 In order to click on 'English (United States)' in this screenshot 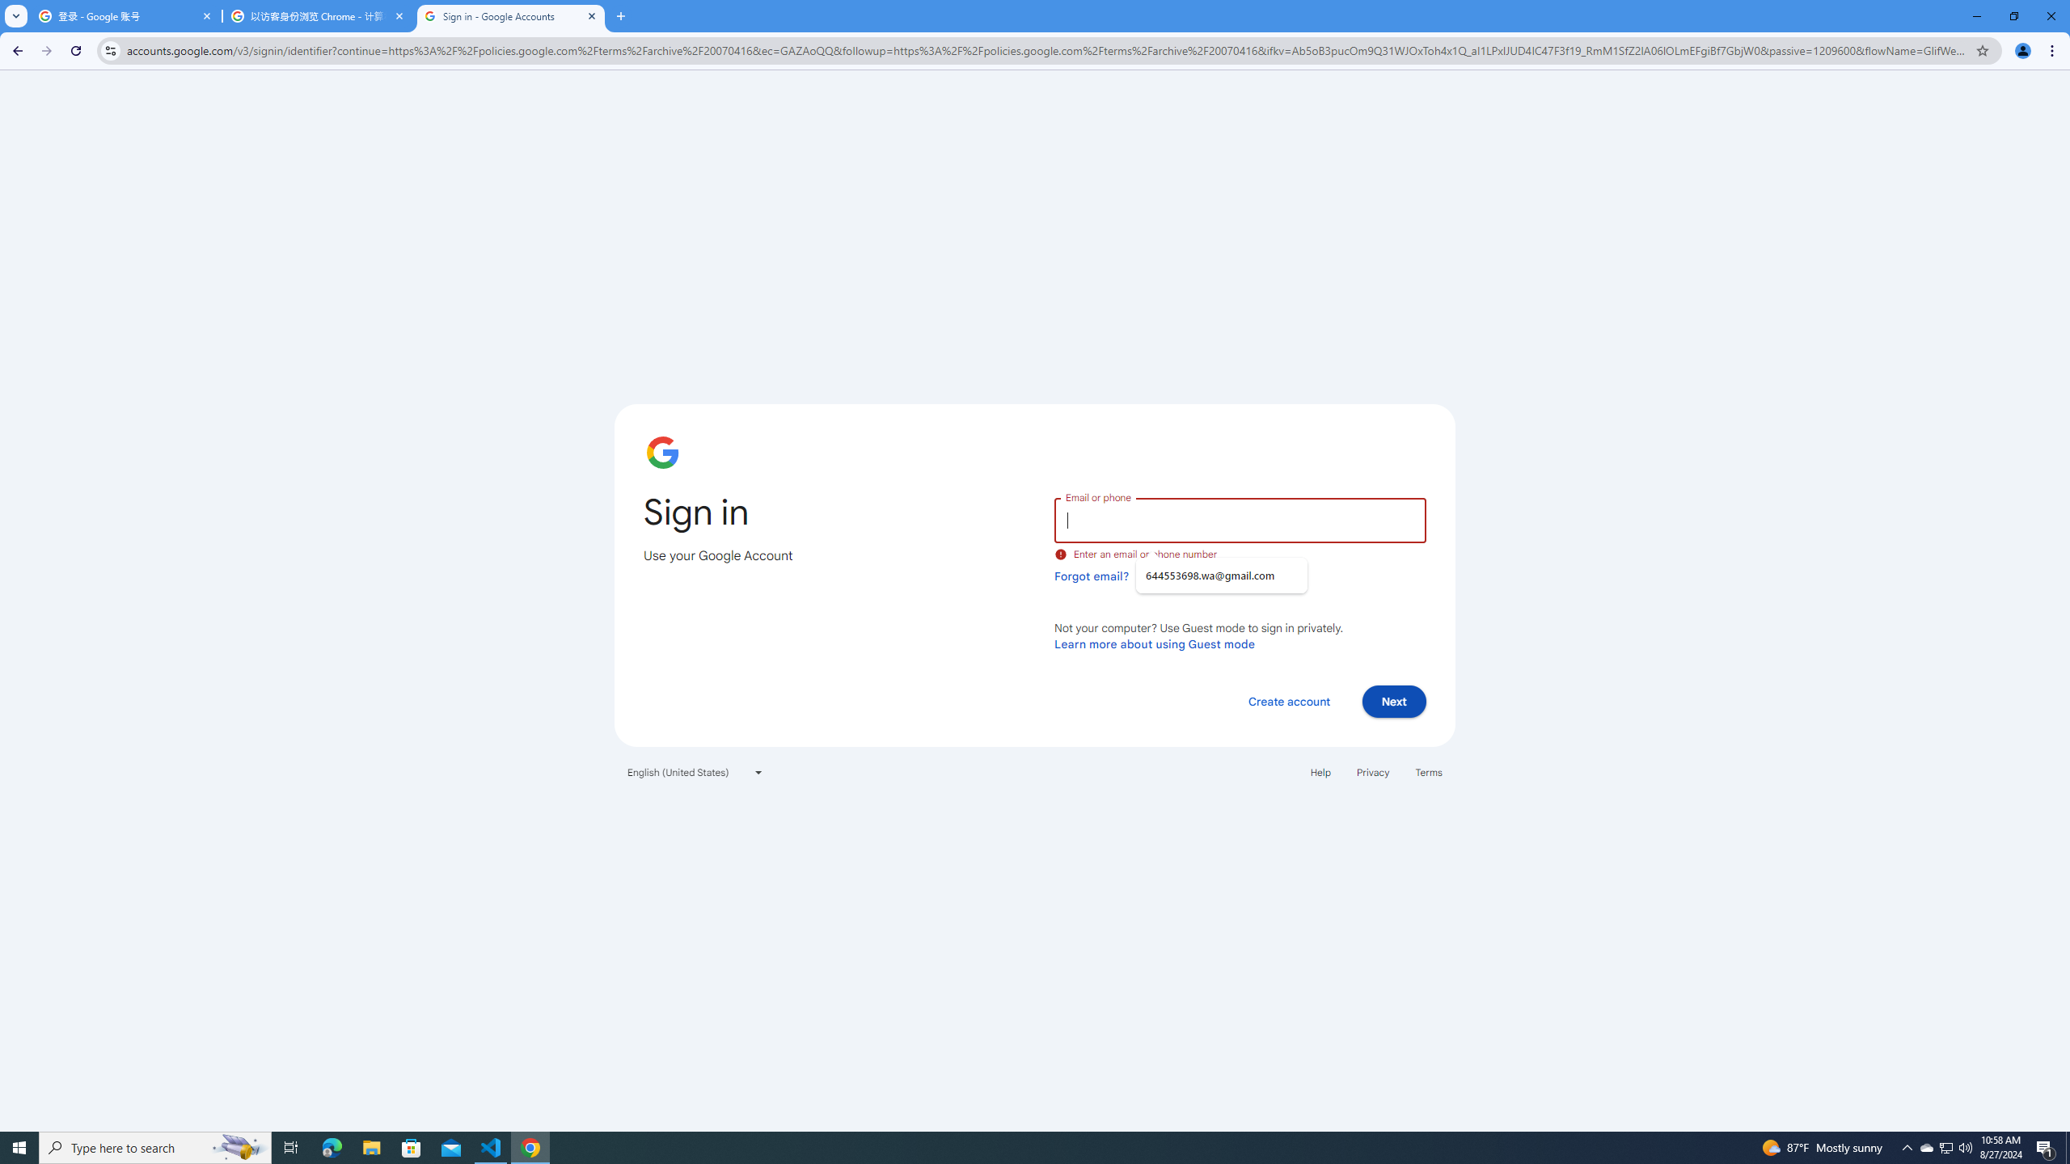, I will do `click(695, 771)`.